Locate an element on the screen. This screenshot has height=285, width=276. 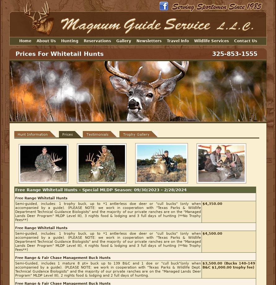
'Free Range & Fair Chase Management Buck Hunts' is located at coordinates (63, 258).